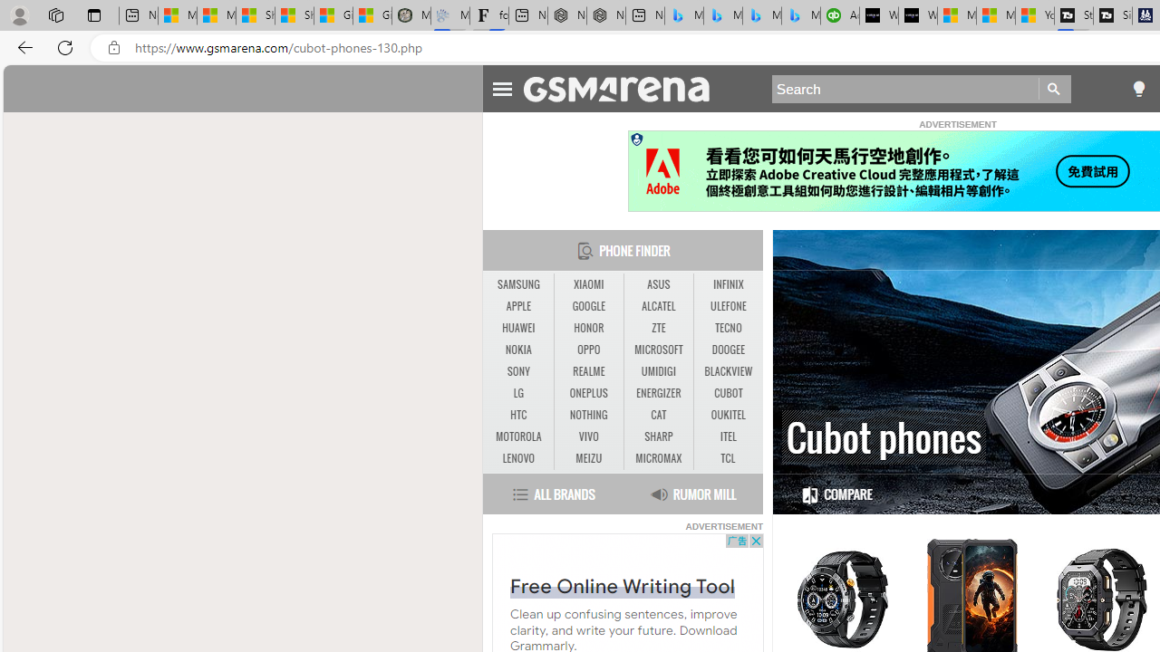 The width and height of the screenshot is (1160, 652). I want to click on 'APPLE', so click(517, 305).